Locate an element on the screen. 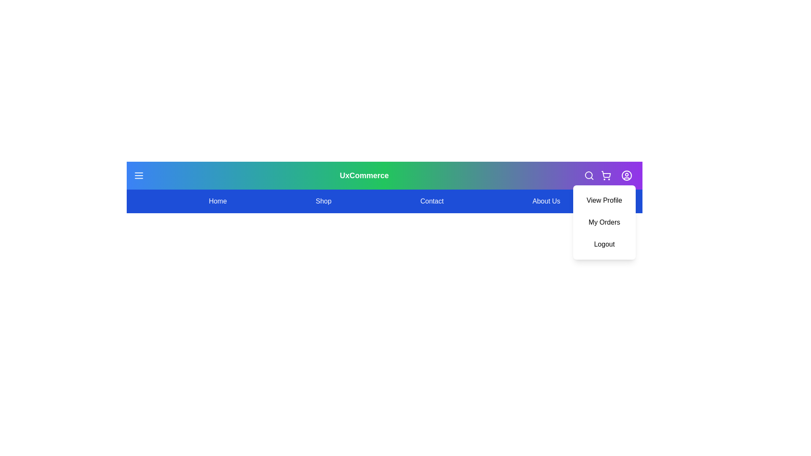  menu button to toggle the menu visibility is located at coordinates (139, 175).